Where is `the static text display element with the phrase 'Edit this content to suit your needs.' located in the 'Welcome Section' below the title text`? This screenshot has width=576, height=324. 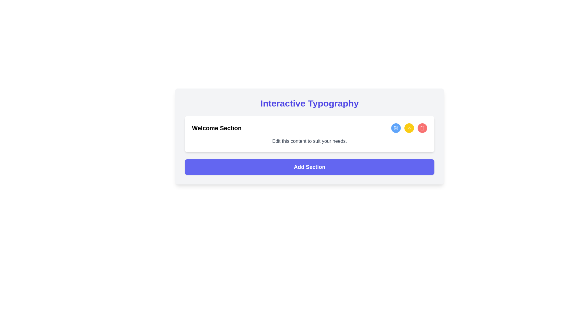 the static text display element with the phrase 'Edit this content to suit your needs.' located in the 'Welcome Section' below the title text is located at coordinates (310, 141).